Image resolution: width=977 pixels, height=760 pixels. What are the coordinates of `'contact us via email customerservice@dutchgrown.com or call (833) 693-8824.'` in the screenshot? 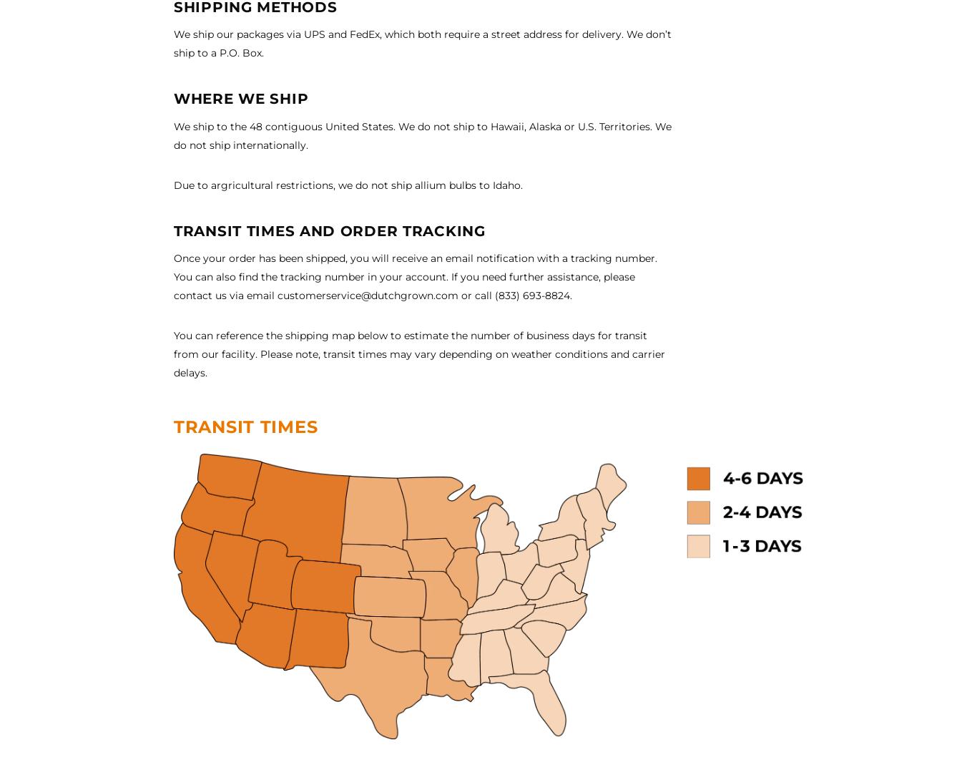 It's located at (373, 295).